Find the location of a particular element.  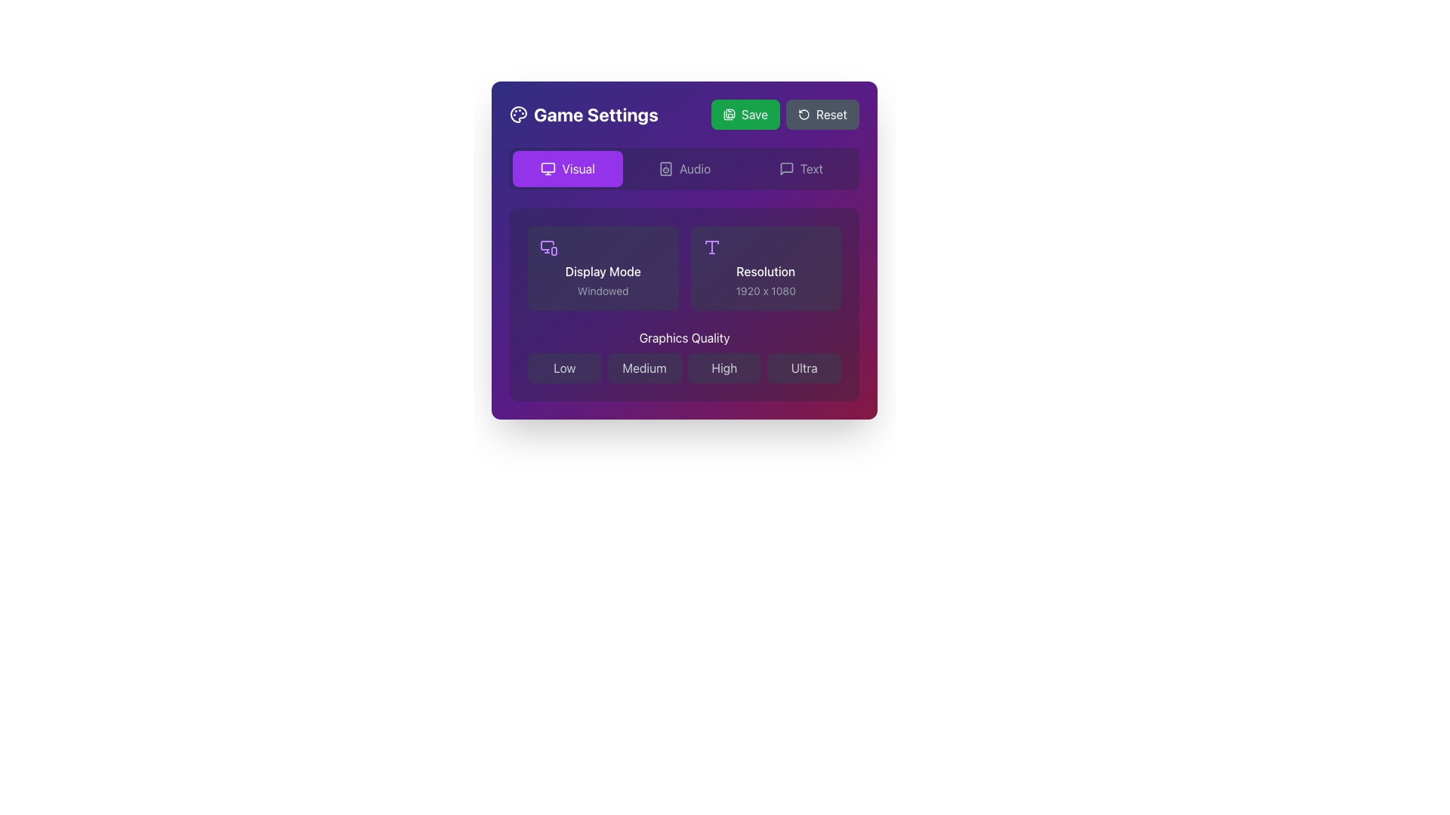

the speaker-shaped icon within the 'Audio' tab button in the purple 'Game Settings' panel is located at coordinates (665, 168).